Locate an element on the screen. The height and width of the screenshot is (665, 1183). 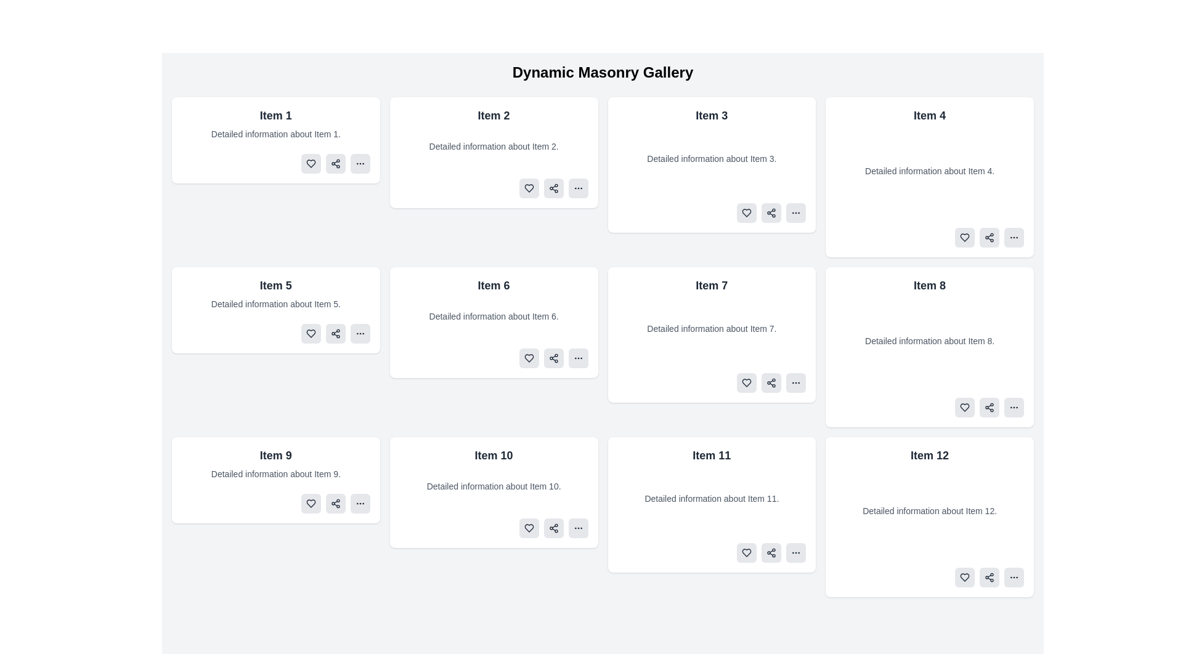
the rightmost button in the row of actions below the 'Item 2' card in the second column of the first row is located at coordinates (577, 188).